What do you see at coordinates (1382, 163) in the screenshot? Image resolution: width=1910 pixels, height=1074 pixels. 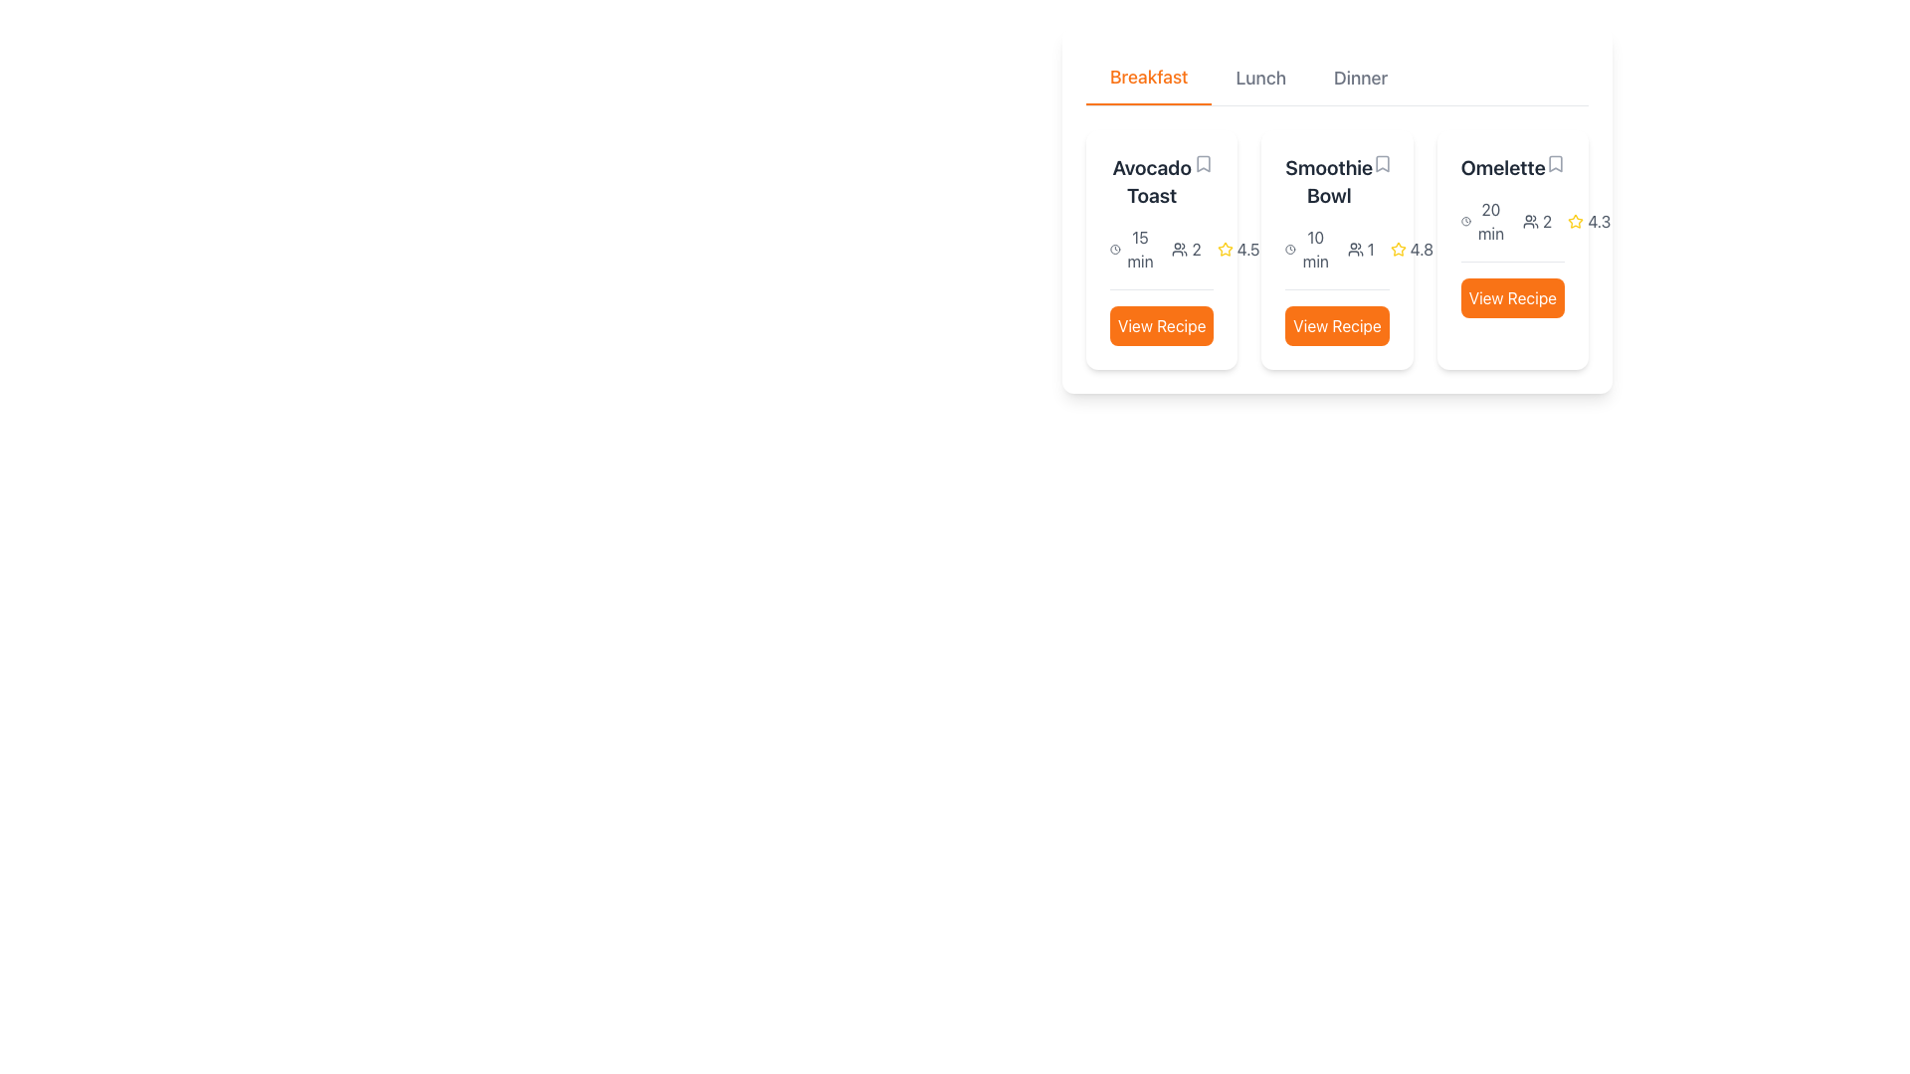 I see `the bookmark icon located at the top-right corner of the 'Smoothie Bowl' card` at bounding box center [1382, 163].